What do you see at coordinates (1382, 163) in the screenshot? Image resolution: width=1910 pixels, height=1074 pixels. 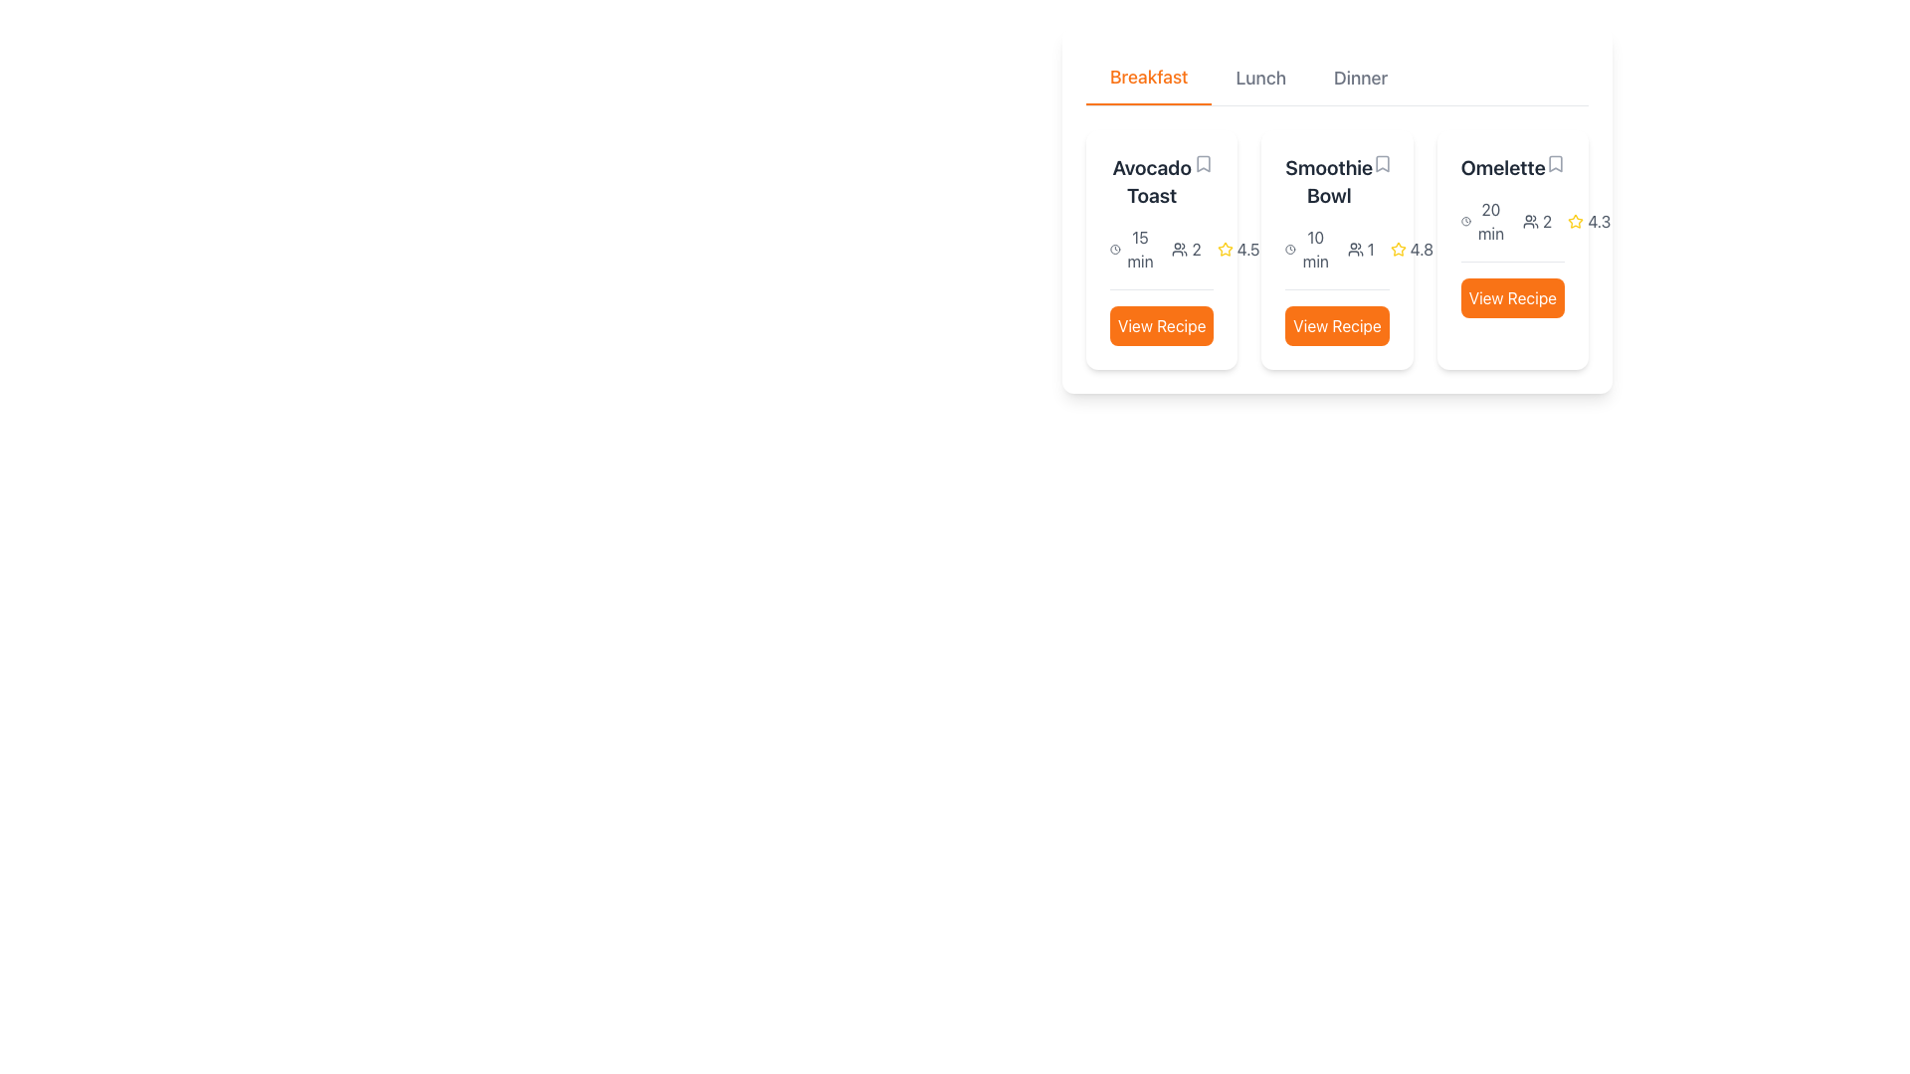 I see `the bookmark icon located at the top-right corner of the 'Smoothie Bowl' card` at bounding box center [1382, 163].